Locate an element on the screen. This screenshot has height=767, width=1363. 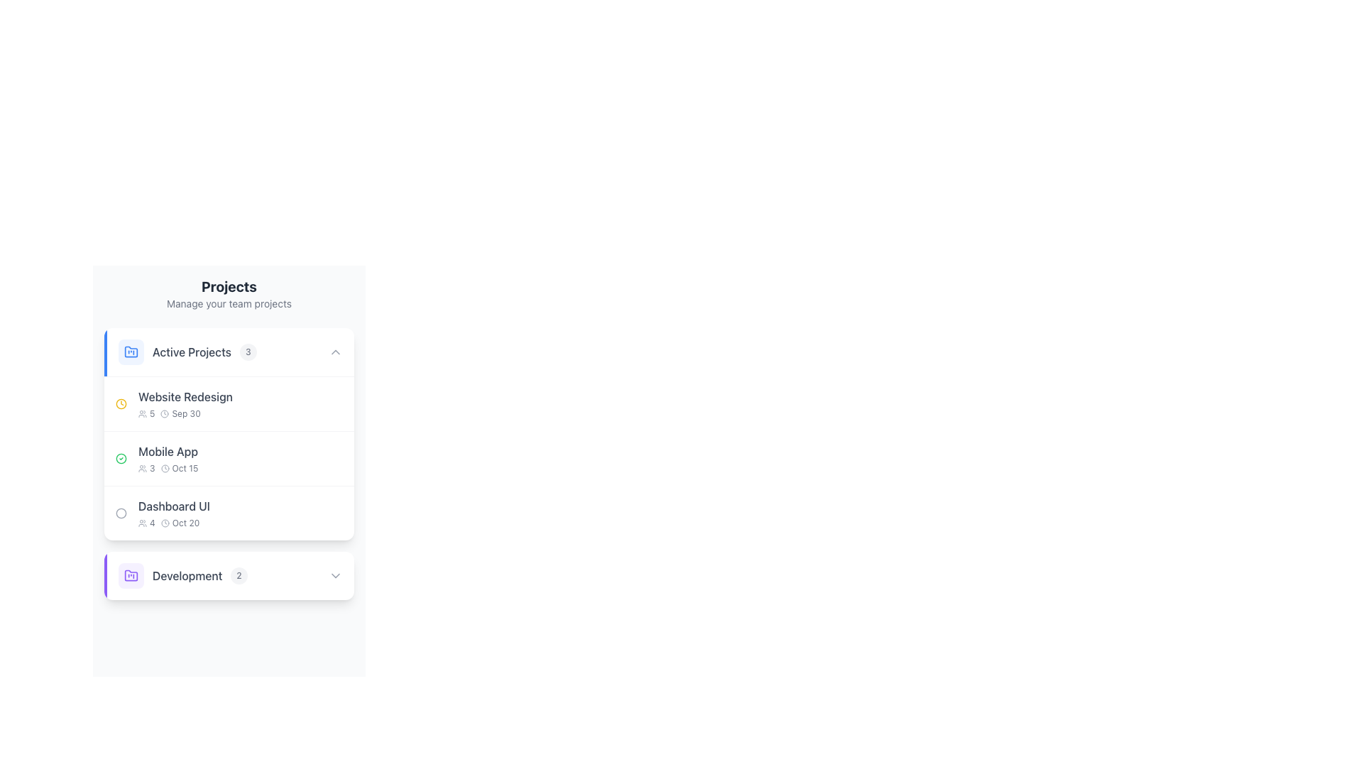
the text label displaying 'Manage your team projects' which is located directly beneath the 'Projects' title is located at coordinates (229, 303).